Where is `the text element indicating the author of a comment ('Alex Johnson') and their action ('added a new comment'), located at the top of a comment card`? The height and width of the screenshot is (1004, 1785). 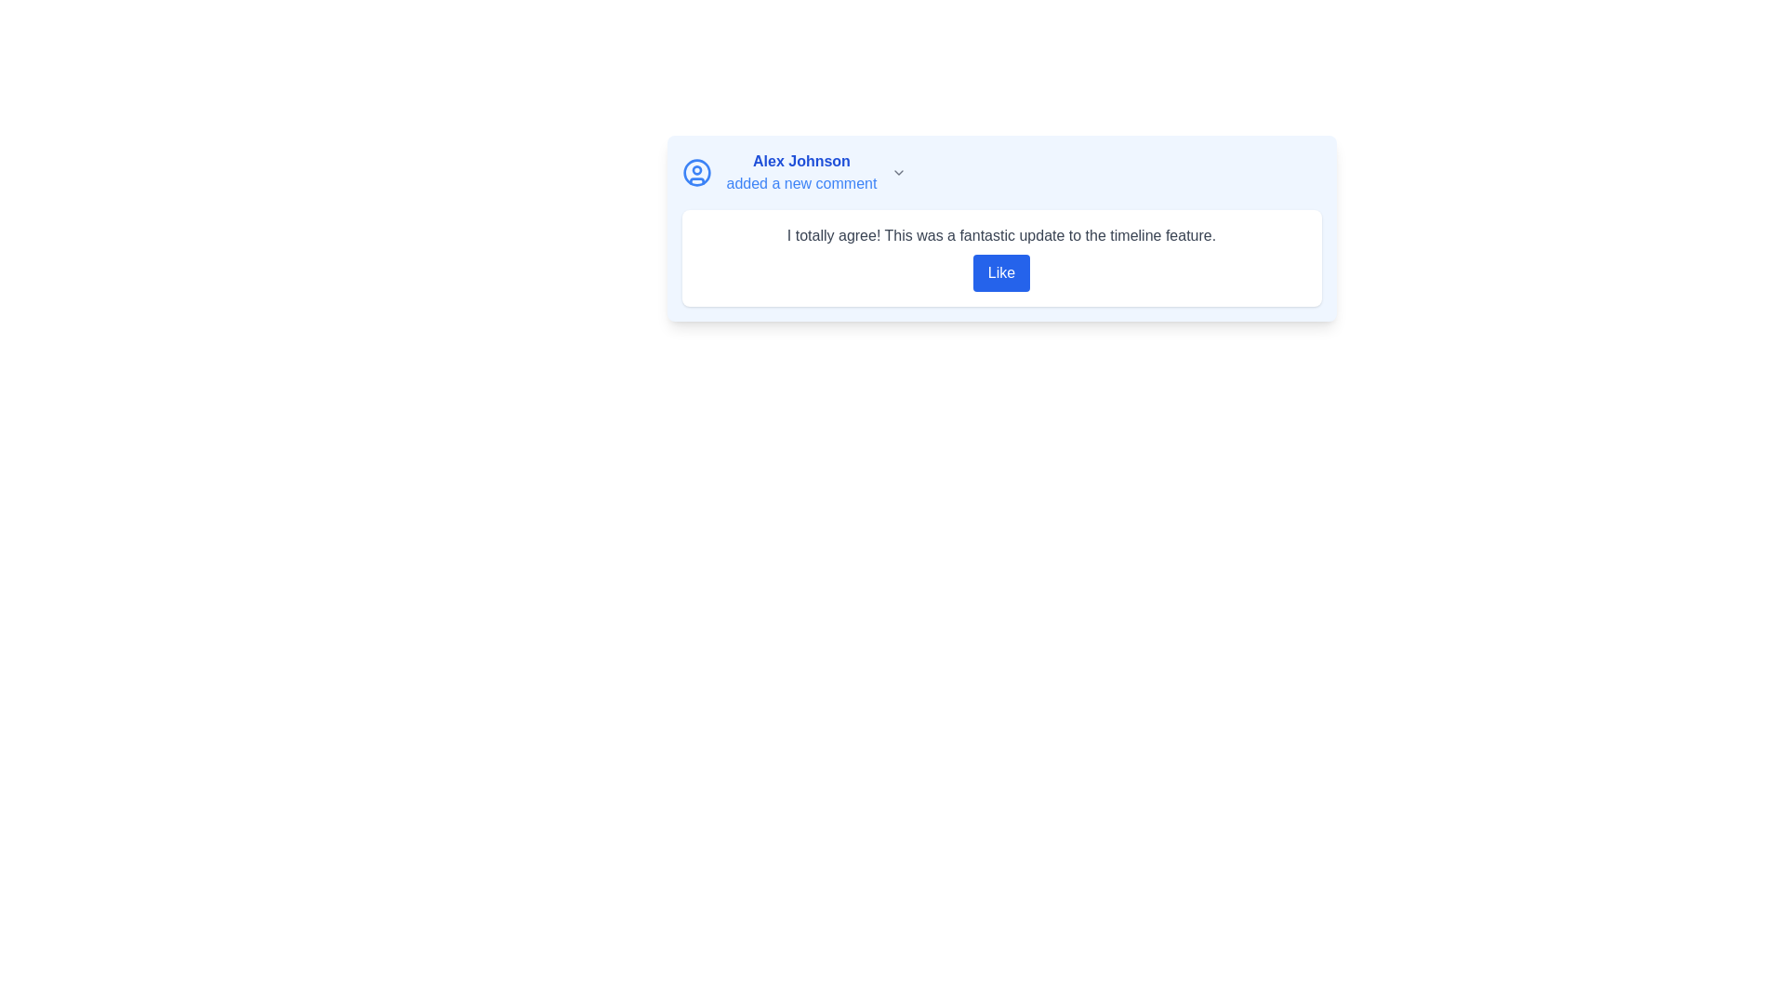
the text element indicating the author of a comment ('Alex Johnson') and their action ('added a new comment'), located at the top of a comment card is located at coordinates (801, 172).